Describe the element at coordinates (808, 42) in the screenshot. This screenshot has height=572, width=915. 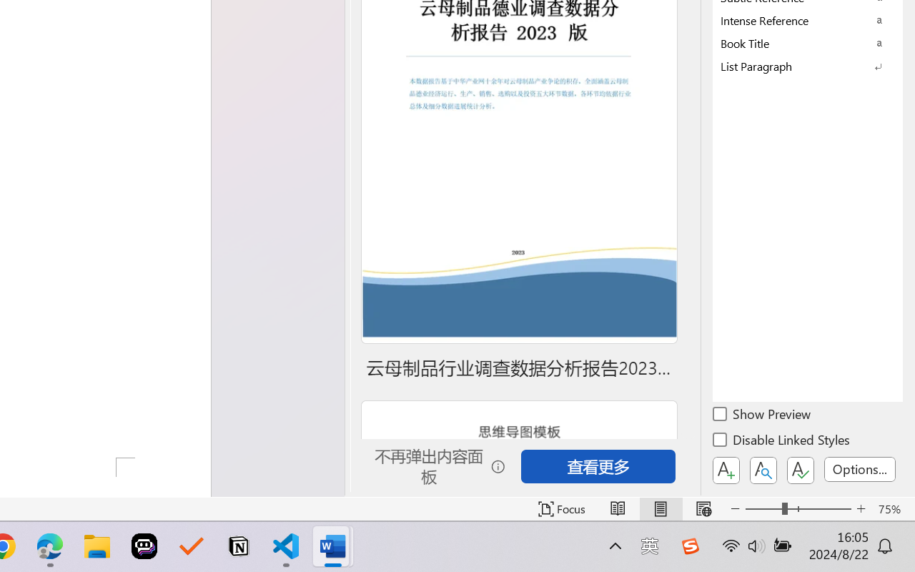
I see `'Book Title'` at that location.